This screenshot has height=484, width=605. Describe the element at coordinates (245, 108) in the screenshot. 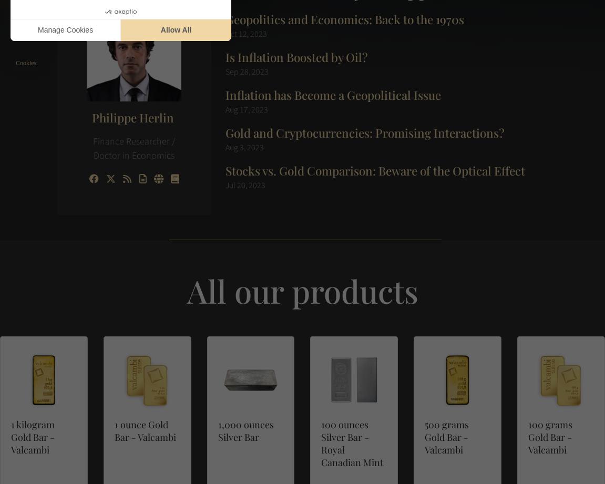

I see `'Aug 17, 2023'` at that location.